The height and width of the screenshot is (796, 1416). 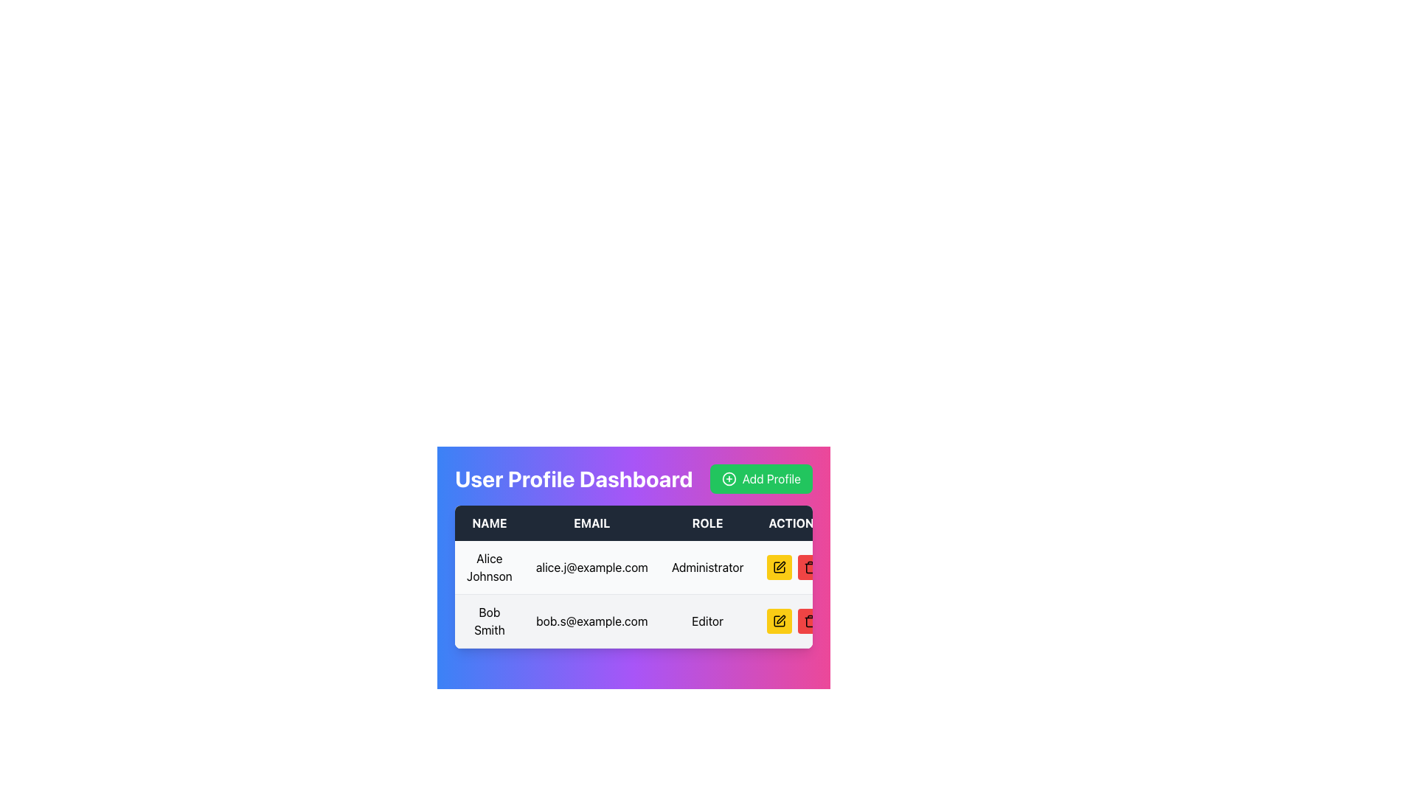 What do you see at coordinates (573, 479) in the screenshot?
I see `the header element indicating the User Profile Dashboard, which is the leftmost component in a horizontal bar and located to the left of the 'Add Profile' button` at bounding box center [573, 479].